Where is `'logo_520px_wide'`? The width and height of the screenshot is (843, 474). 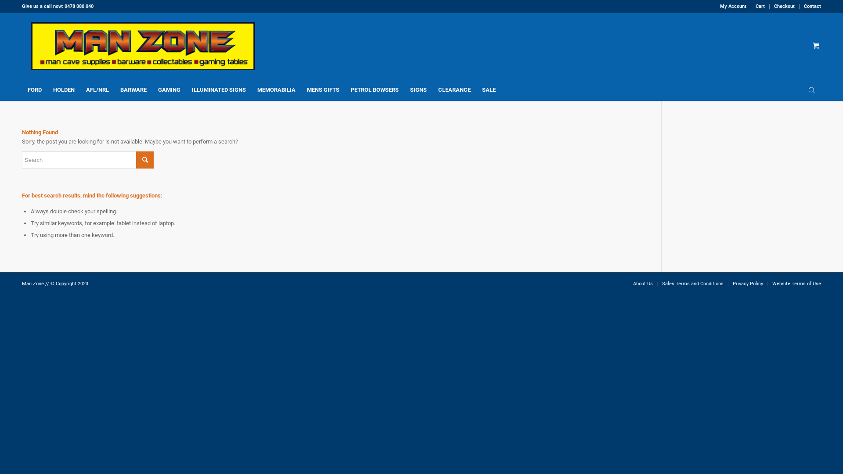 'logo_520px_wide' is located at coordinates (143, 46).